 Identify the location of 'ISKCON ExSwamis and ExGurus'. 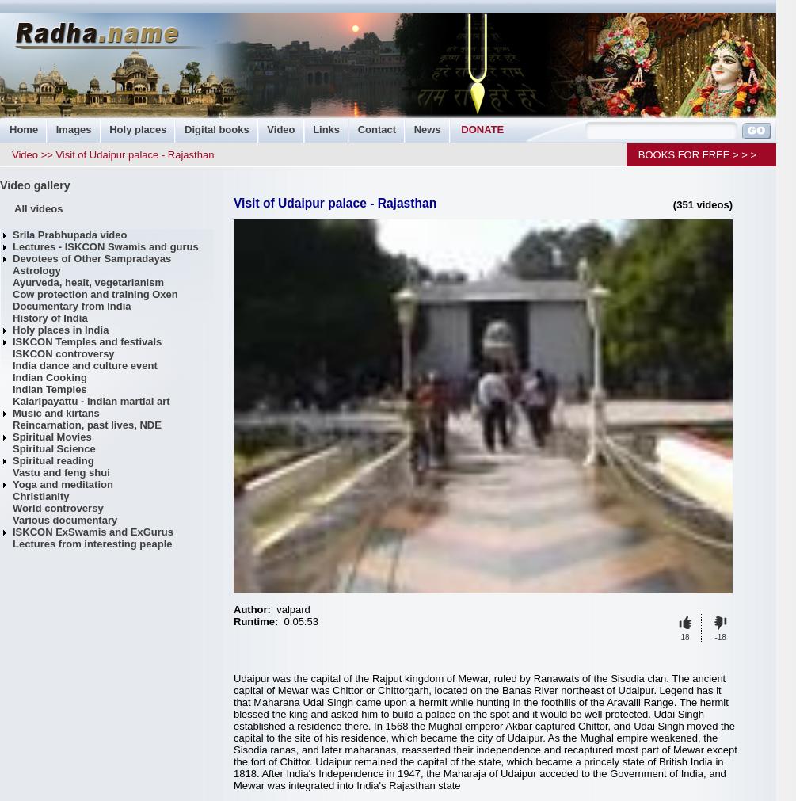
(12, 532).